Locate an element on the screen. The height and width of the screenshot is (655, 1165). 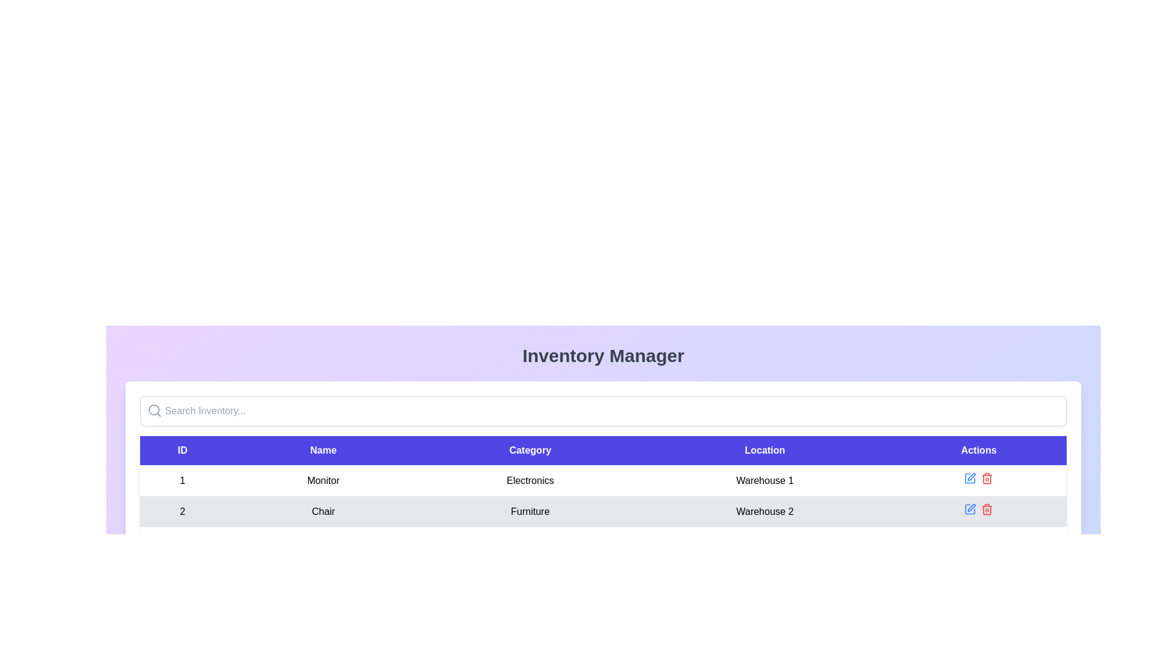
the non-interactive label in the 'Category' column of the second row that displays 'Furniture' is located at coordinates (530, 511).